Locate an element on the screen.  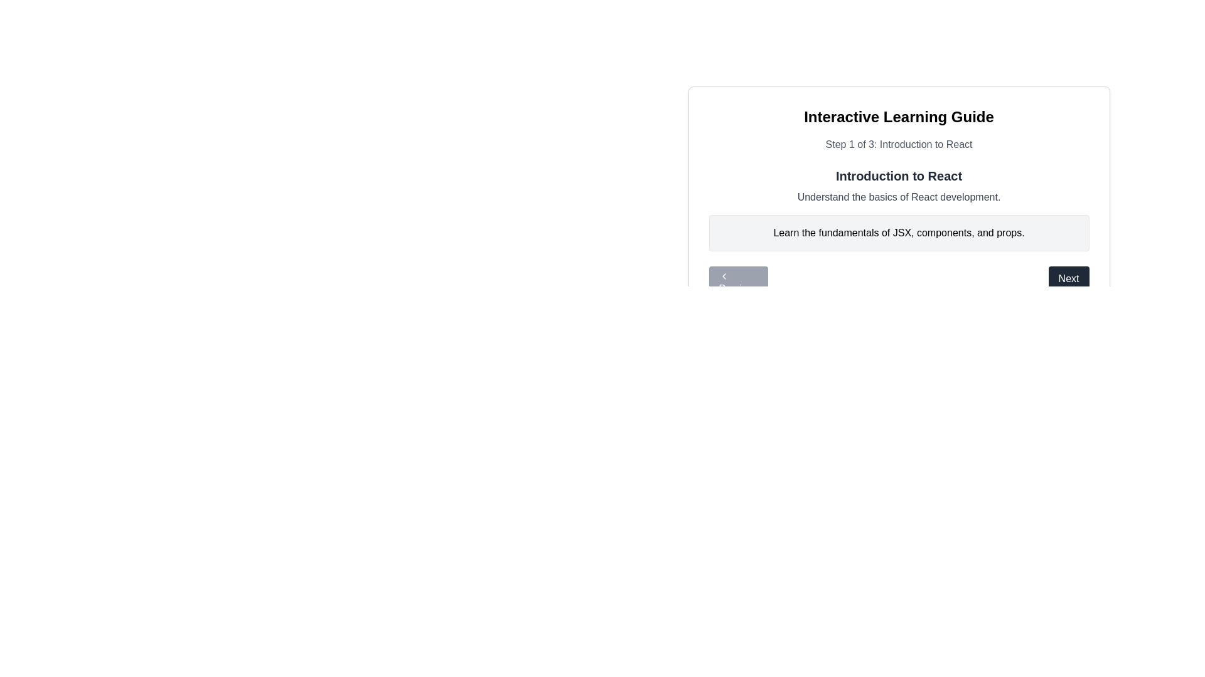
the content of the 'Previous' button which contains a leftward-facing chevron icon, located at the bottom-left portion of the card interface is located at coordinates (724, 275).